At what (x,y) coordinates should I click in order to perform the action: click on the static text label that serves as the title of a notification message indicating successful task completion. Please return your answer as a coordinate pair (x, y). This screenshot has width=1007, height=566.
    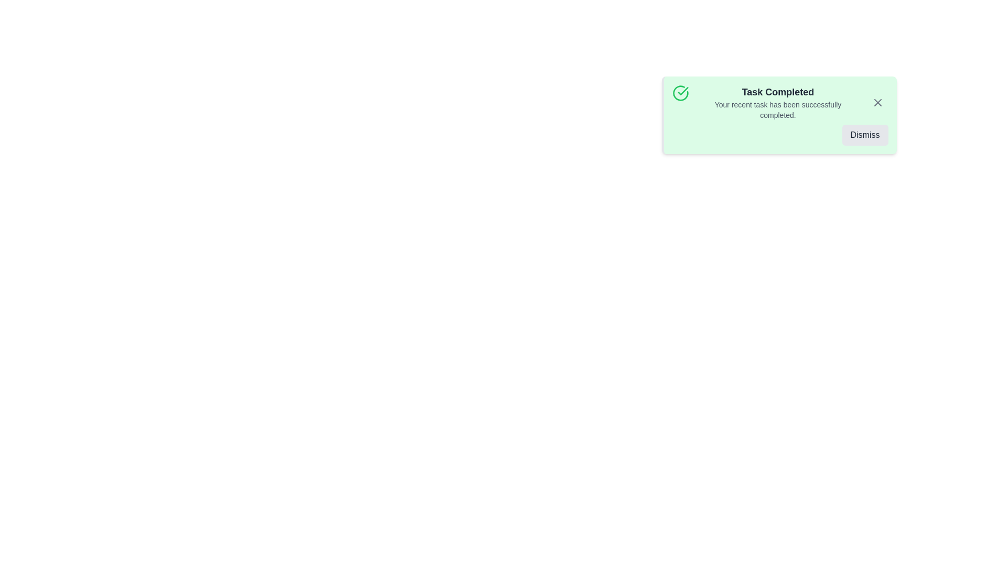
    Looking at the image, I should click on (778, 92).